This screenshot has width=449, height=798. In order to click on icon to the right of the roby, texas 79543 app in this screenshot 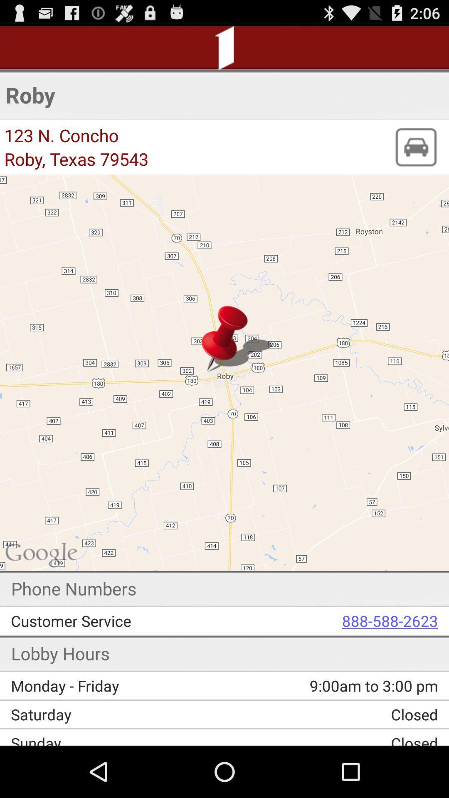, I will do `click(415, 147)`.